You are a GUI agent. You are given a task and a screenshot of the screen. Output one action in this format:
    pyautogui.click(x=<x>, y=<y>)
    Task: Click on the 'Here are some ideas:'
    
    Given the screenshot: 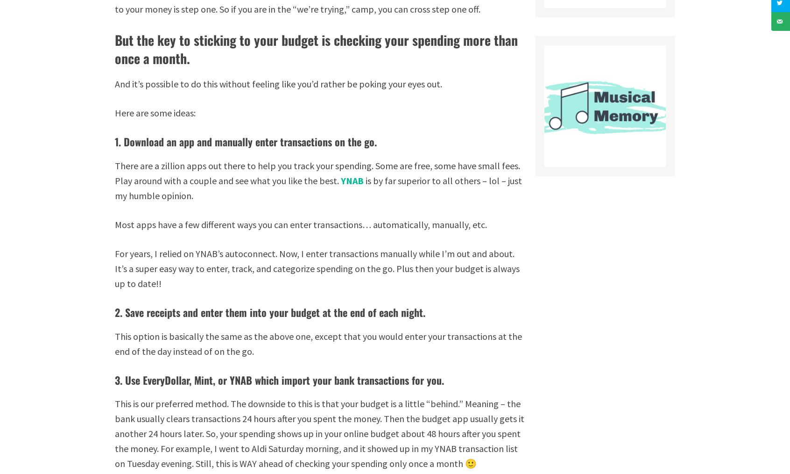 What is the action you would take?
    pyautogui.click(x=115, y=112)
    